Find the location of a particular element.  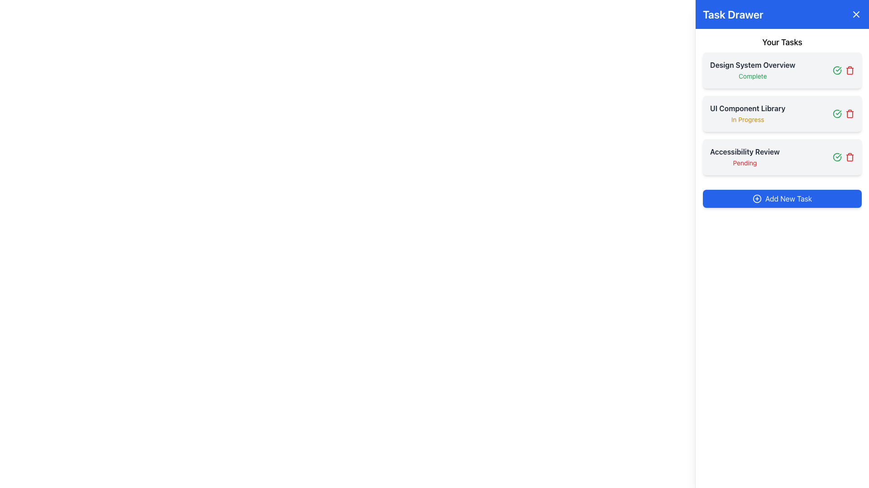

the icon that suggests adding a new task, located left of the 'Add New Task' button in the bottom-right section of the interface is located at coordinates (757, 198).